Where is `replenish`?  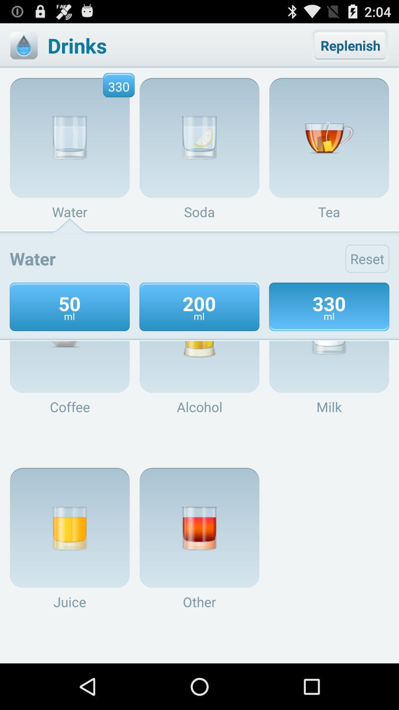
replenish is located at coordinates (350, 45).